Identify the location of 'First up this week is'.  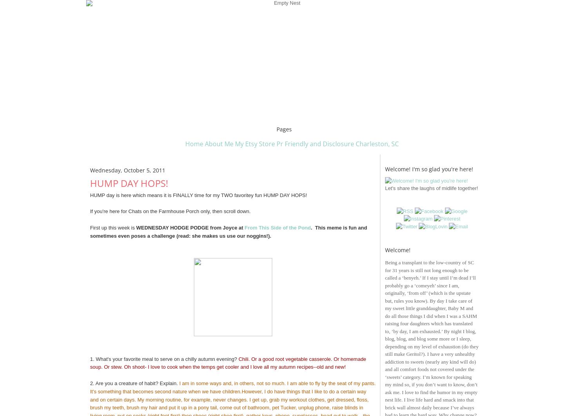
(89, 227).